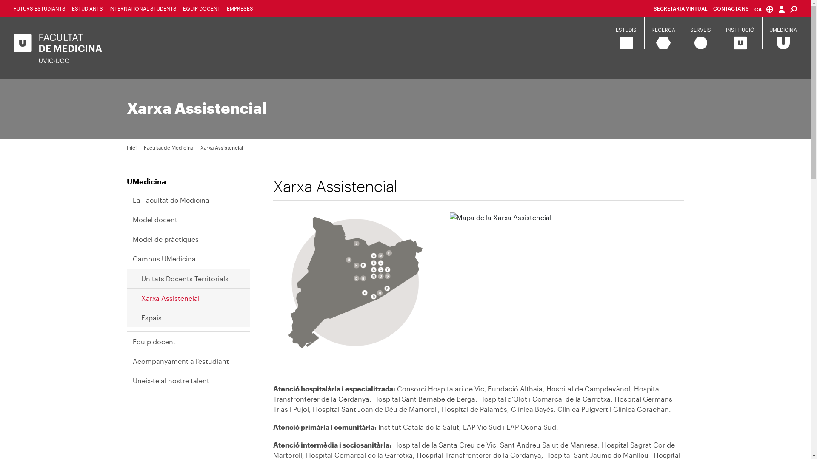 This screenshot has width=817, height=459. Describe the element at coordinates (158, 341) in the screenshot. I see `'Equip docent'` at that location.